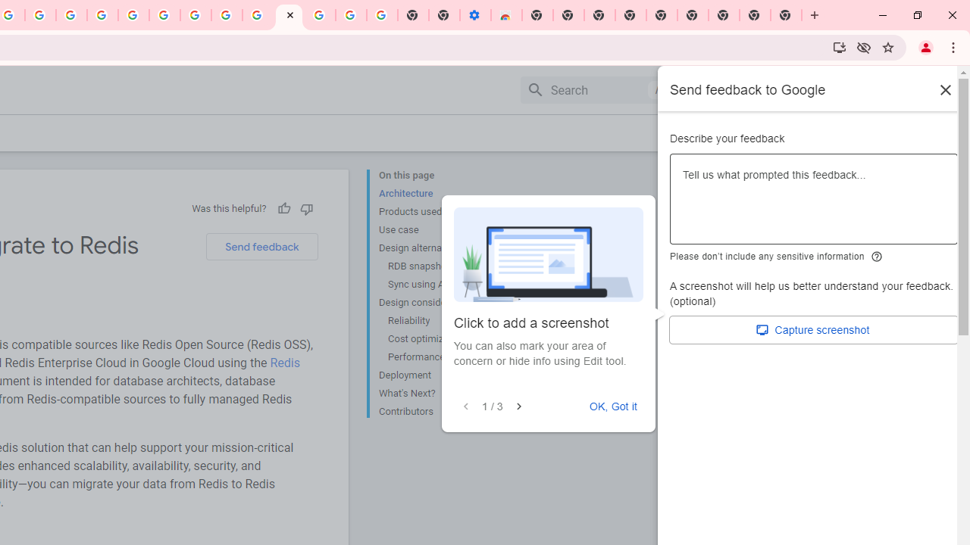 This screenshot has width=970, height=545. What do you see at coordinates (283, 208) in the screenshot?
I see `'Helpful'` at bounding box center [283, 208].